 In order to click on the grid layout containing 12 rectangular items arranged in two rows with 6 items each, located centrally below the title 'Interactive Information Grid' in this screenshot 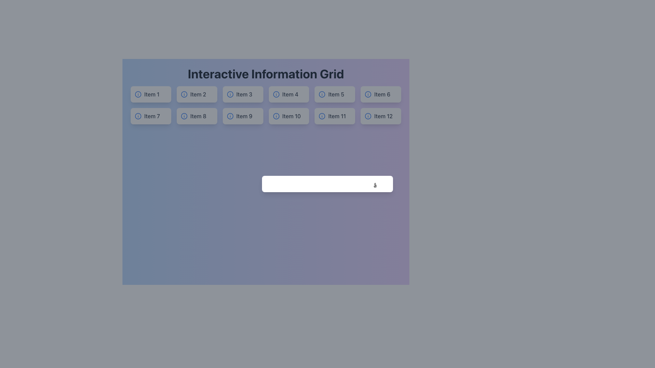, I will do `click(265, 105)`.